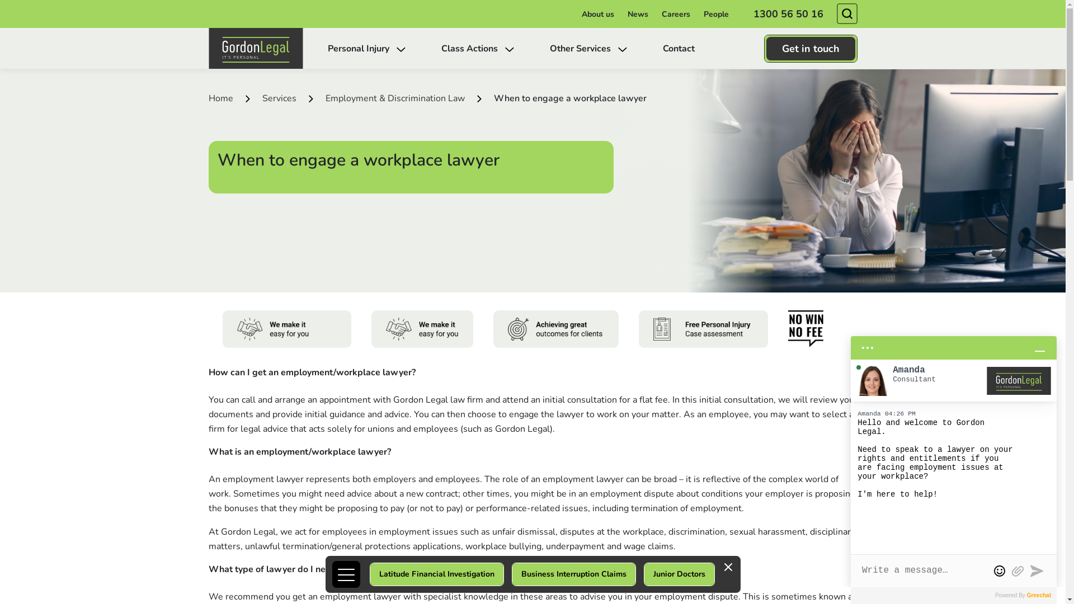 The width and height of the screenshot is (1074, 604). What do you see at coordinates (716, 14) in the screenshot?
I see `'People'` at bounding box center [716, 14].